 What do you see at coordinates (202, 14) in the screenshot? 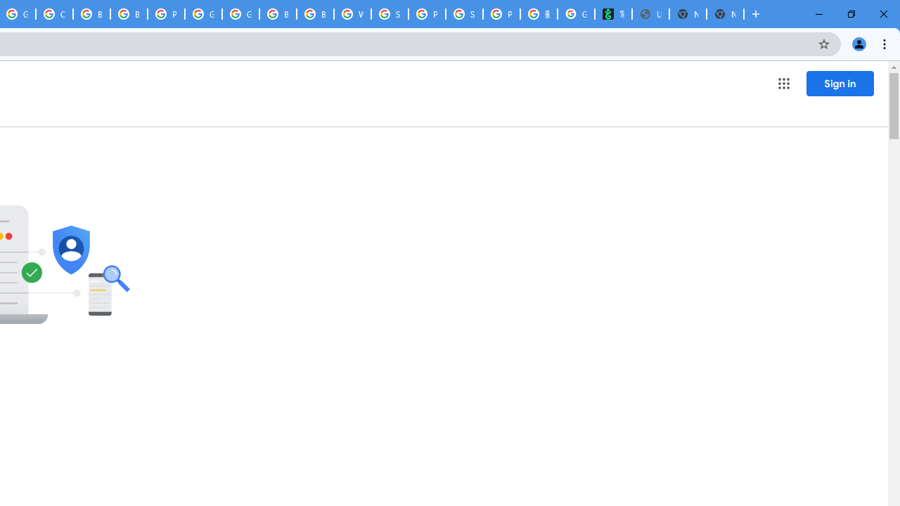
I see `'Google Cloud Platform'` at bounding box center [202, 14].